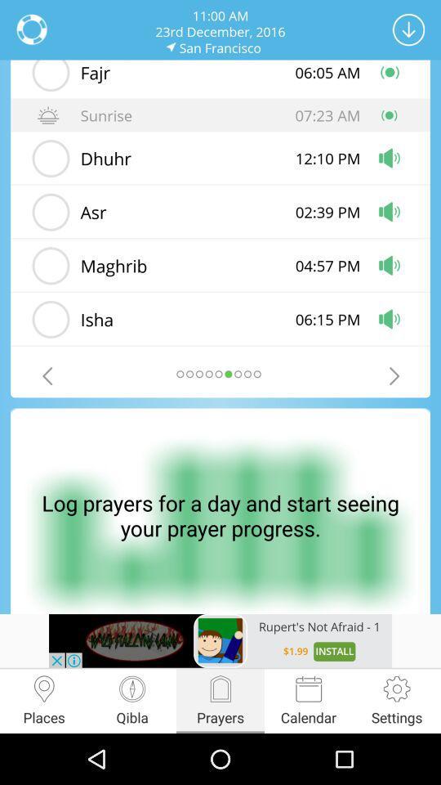 This screenshot has height=785, width=441. I want to click on the arrow_backward icon, so click(48, 375).